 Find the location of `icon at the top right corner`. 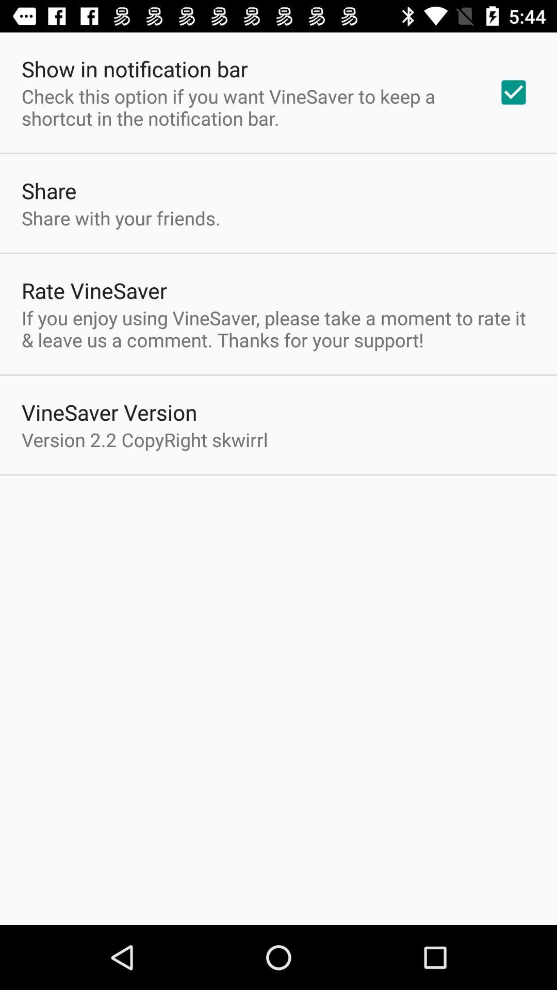

icon at the top right corner is located at coordinates (513, 92).